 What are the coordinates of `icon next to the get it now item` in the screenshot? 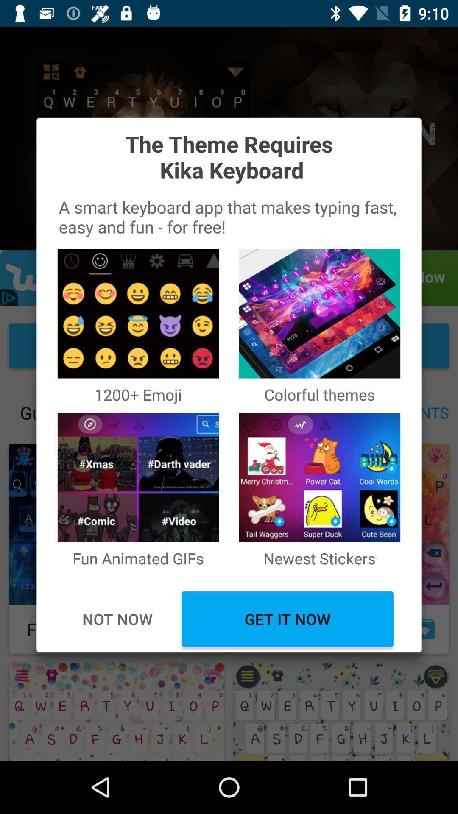 It's located at (117, 619).